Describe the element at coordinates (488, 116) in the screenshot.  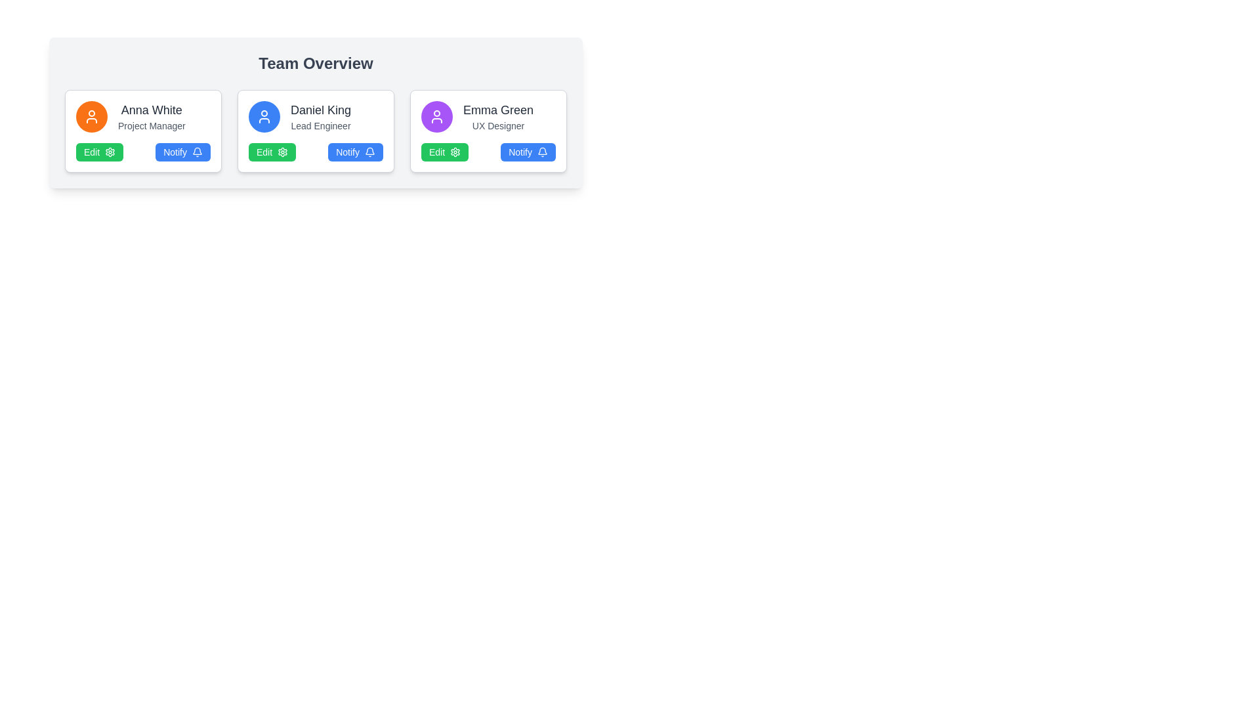
I see `displayed name and role of the team member in the Profile display component located in the third card from the left under the 'Team Overview' section` at that location.